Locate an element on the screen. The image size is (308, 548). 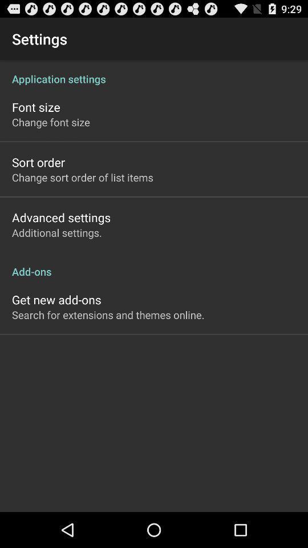
the get new add app is located at coordinates (56, 299).